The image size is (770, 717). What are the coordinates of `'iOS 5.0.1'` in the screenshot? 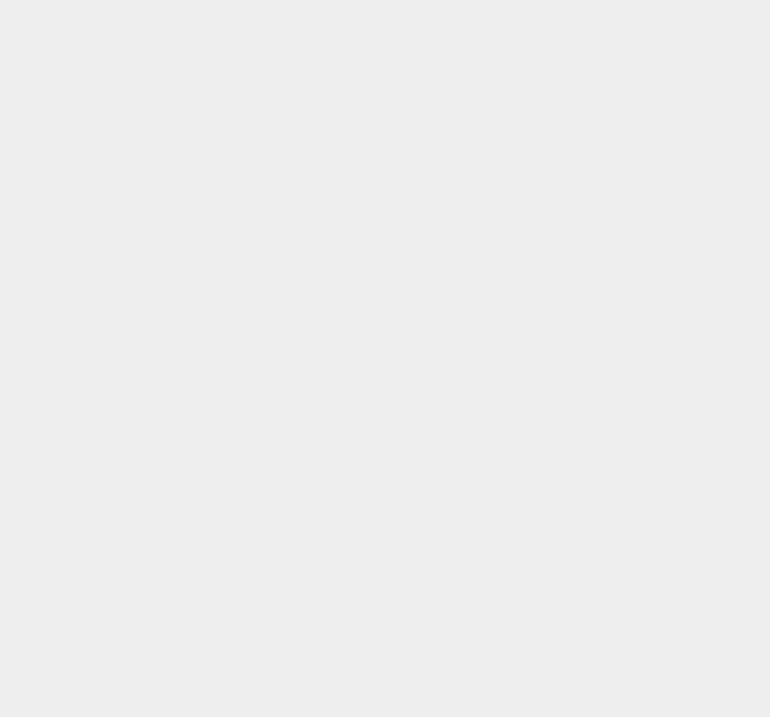 It's located at (562, 560).